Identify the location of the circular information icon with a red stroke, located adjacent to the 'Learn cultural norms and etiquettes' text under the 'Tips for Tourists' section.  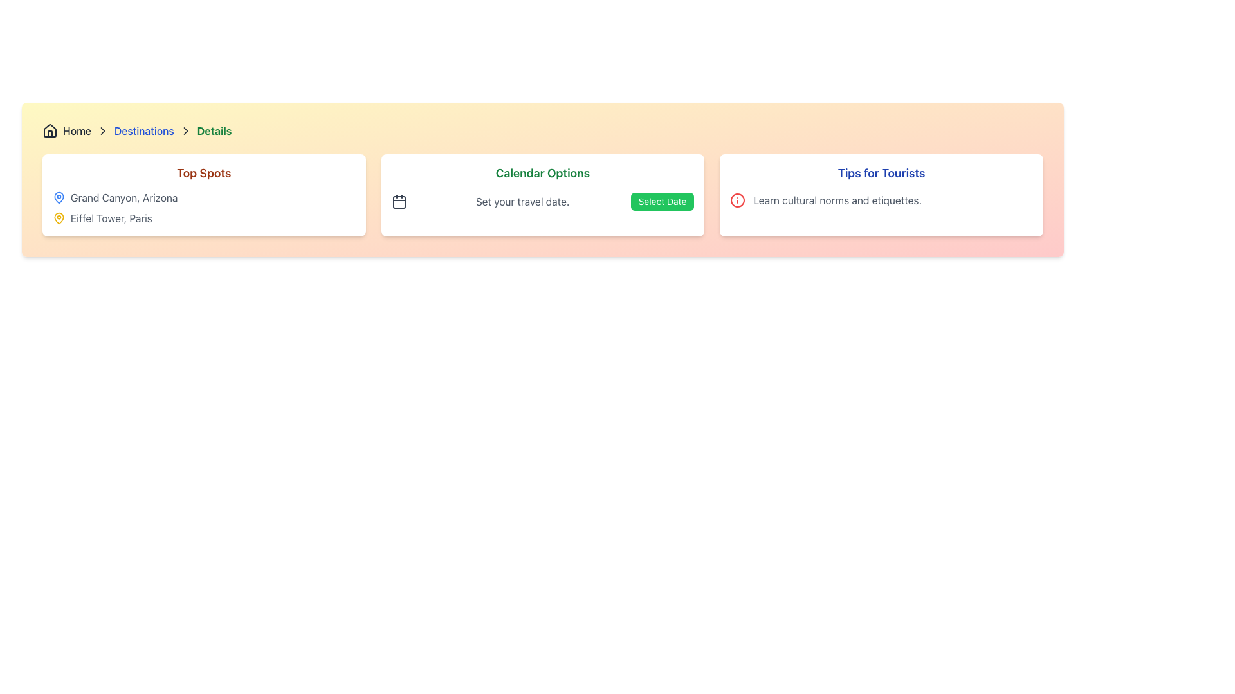
(738, 200).